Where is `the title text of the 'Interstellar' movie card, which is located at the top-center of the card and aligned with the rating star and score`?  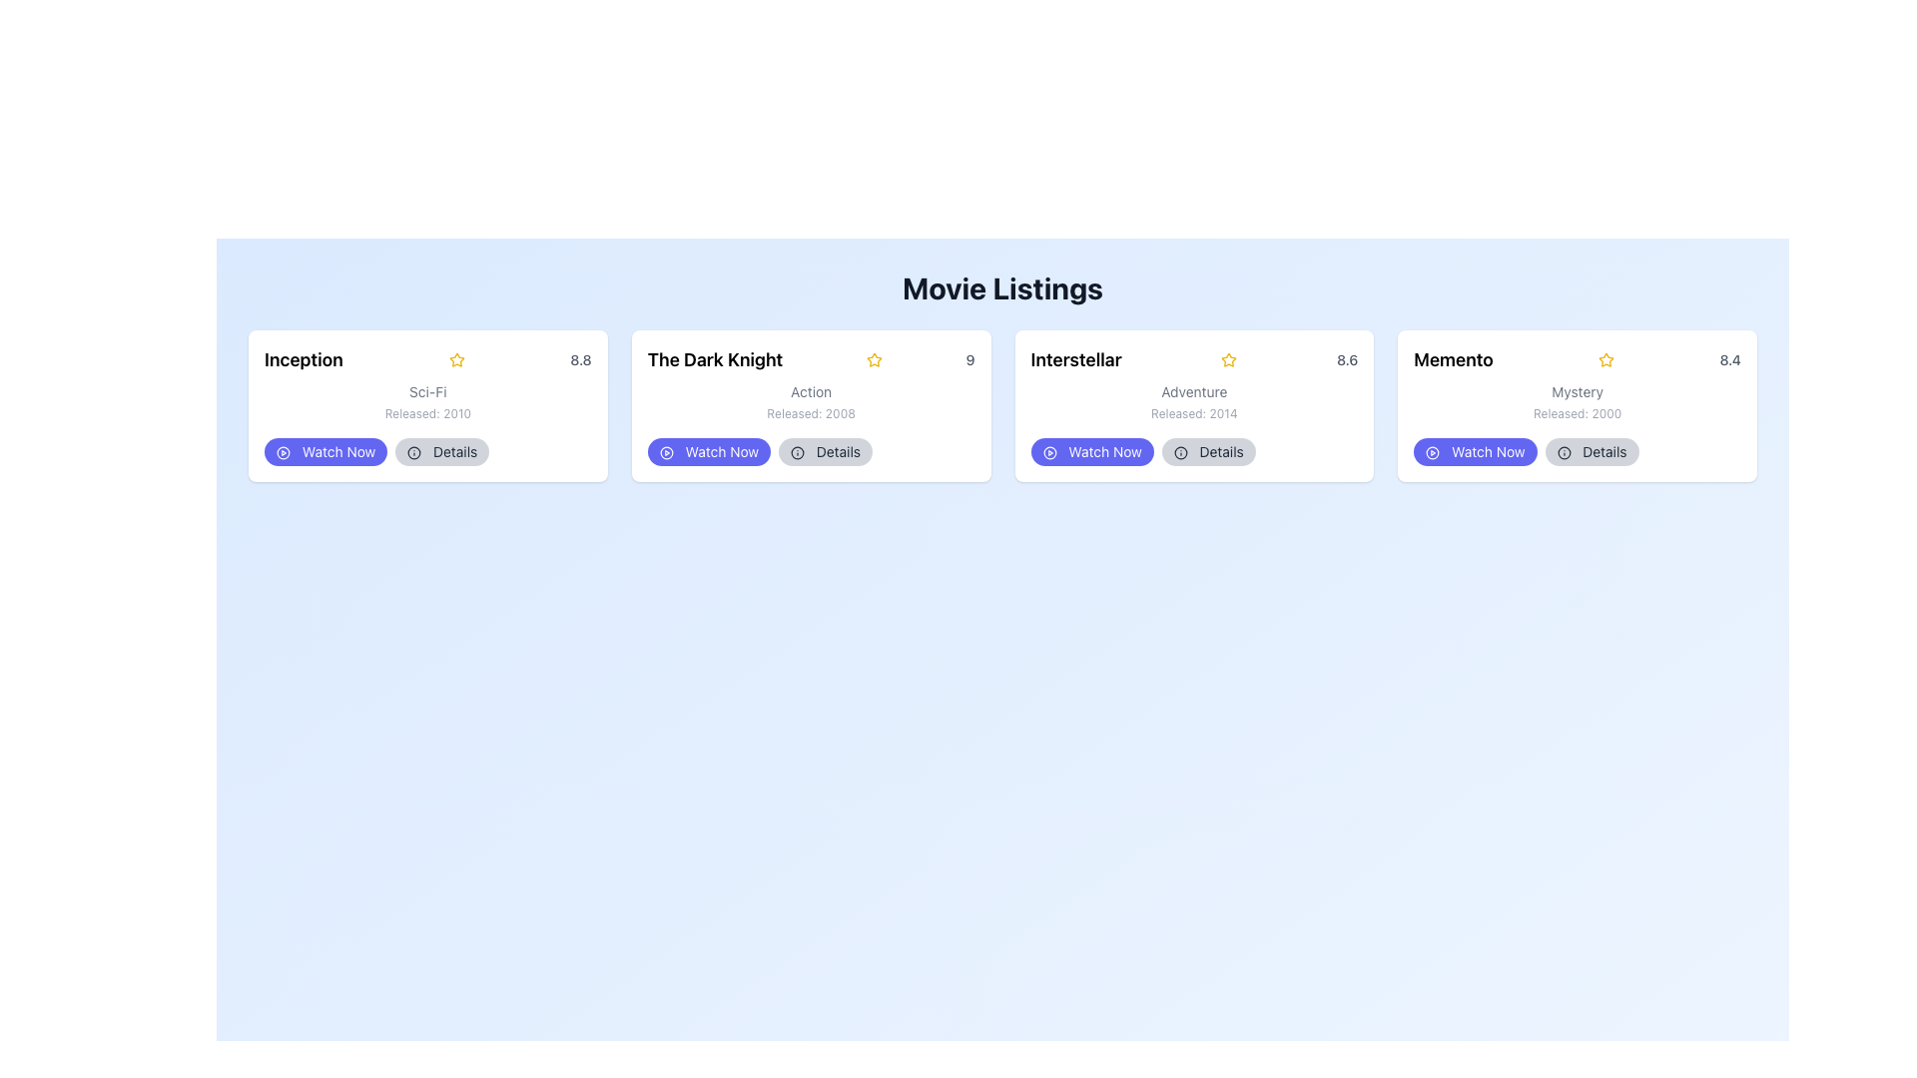 the title text of the 'Interstellar' movie card, which is located at the top-center of the card and aligned with the rating star and score is located at coordinates (1075, 360).